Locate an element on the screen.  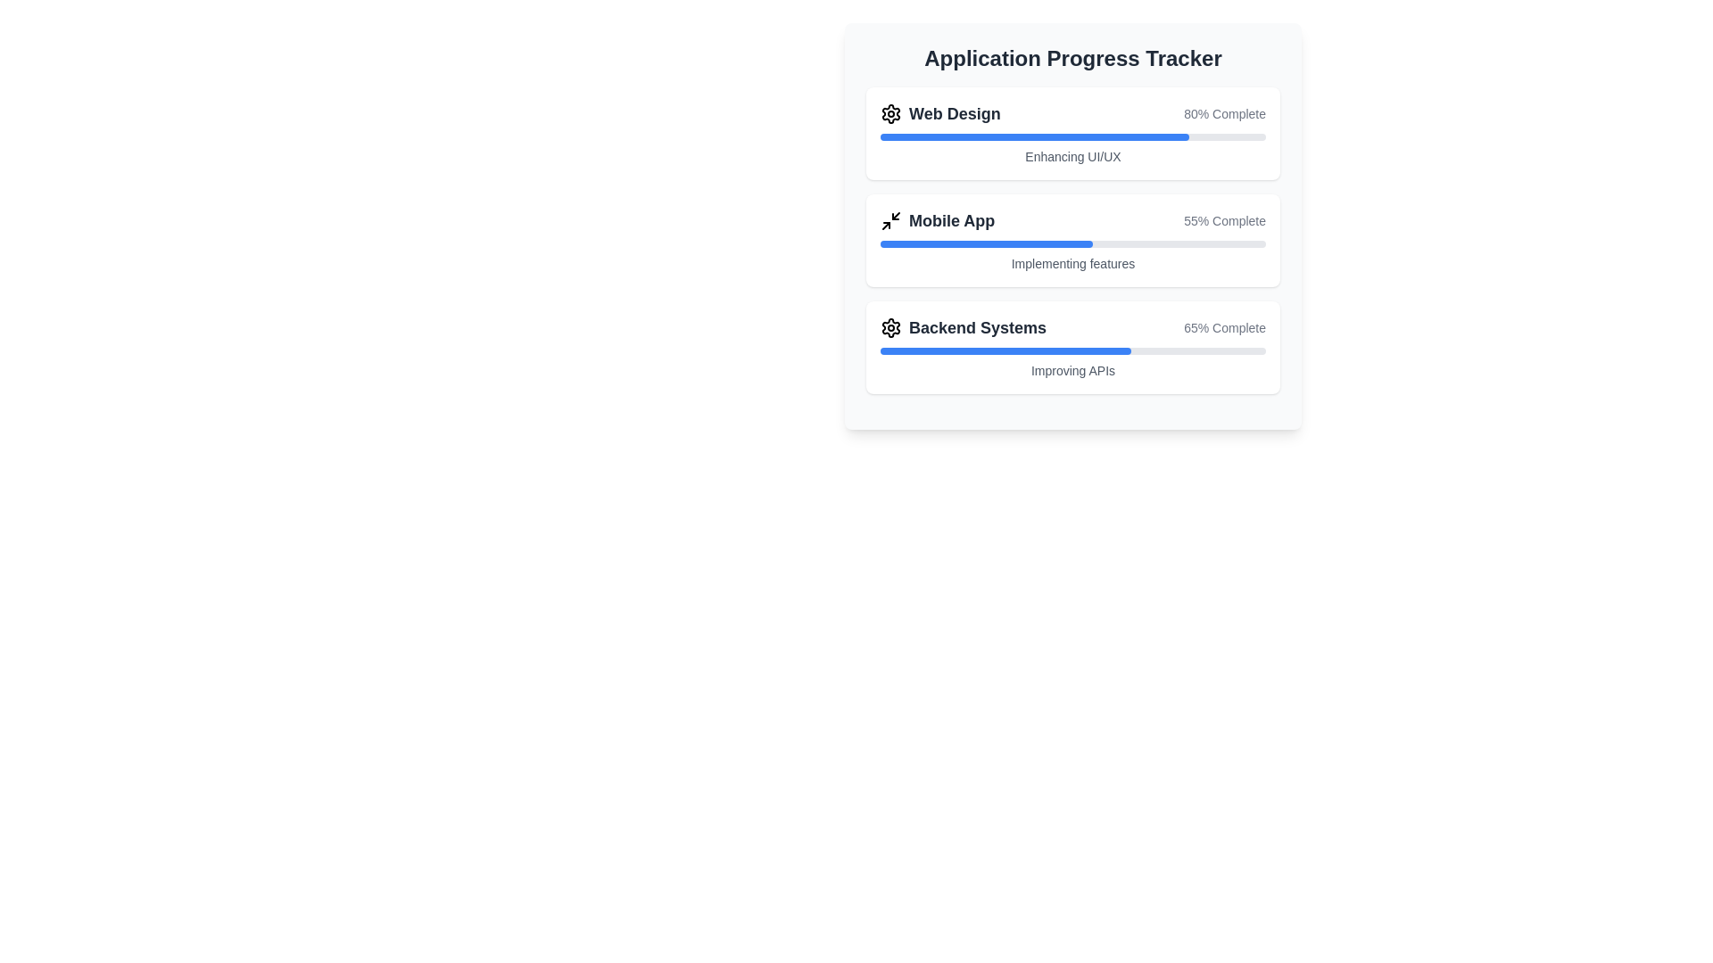
the gear-like icon representing settings in the 'Application Progress Tracker' interface, located at the topmost section adjacent to the 'Web Design' label is located at coordinates (890, 327).